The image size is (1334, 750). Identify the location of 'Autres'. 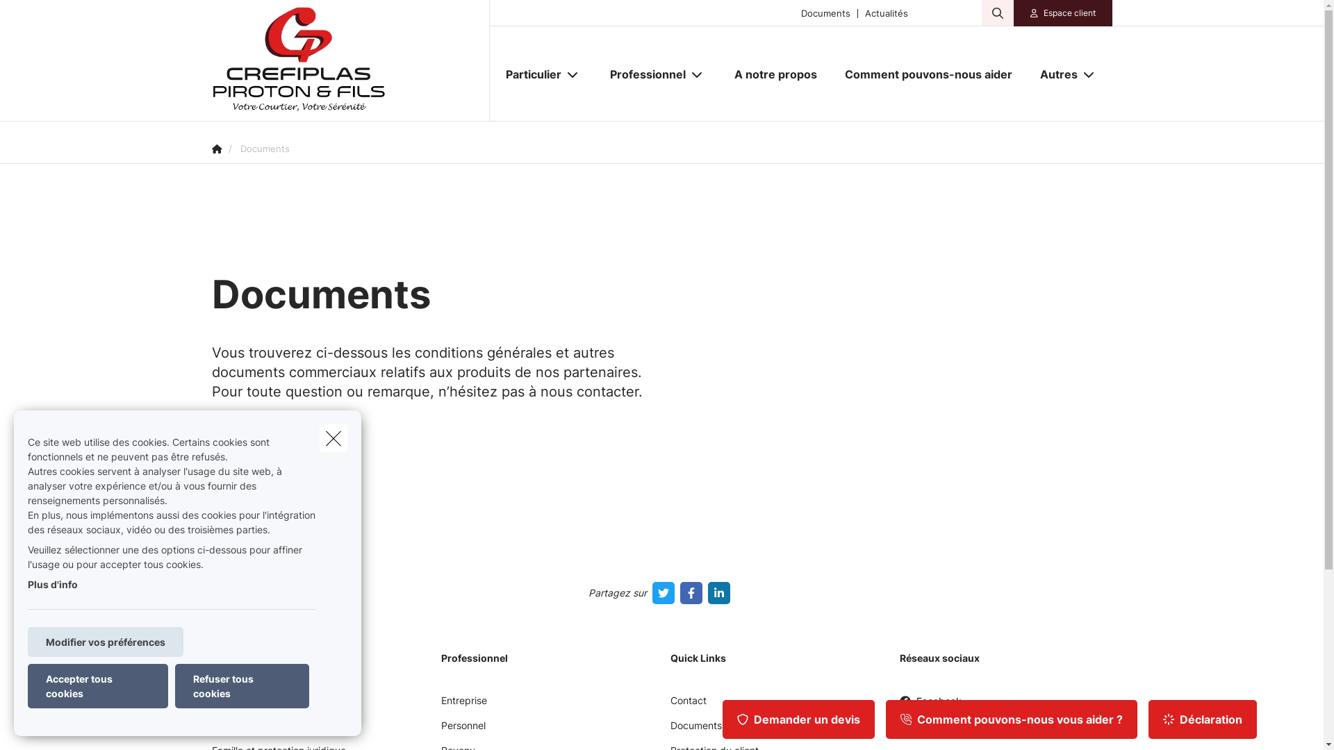
(1053, 74).